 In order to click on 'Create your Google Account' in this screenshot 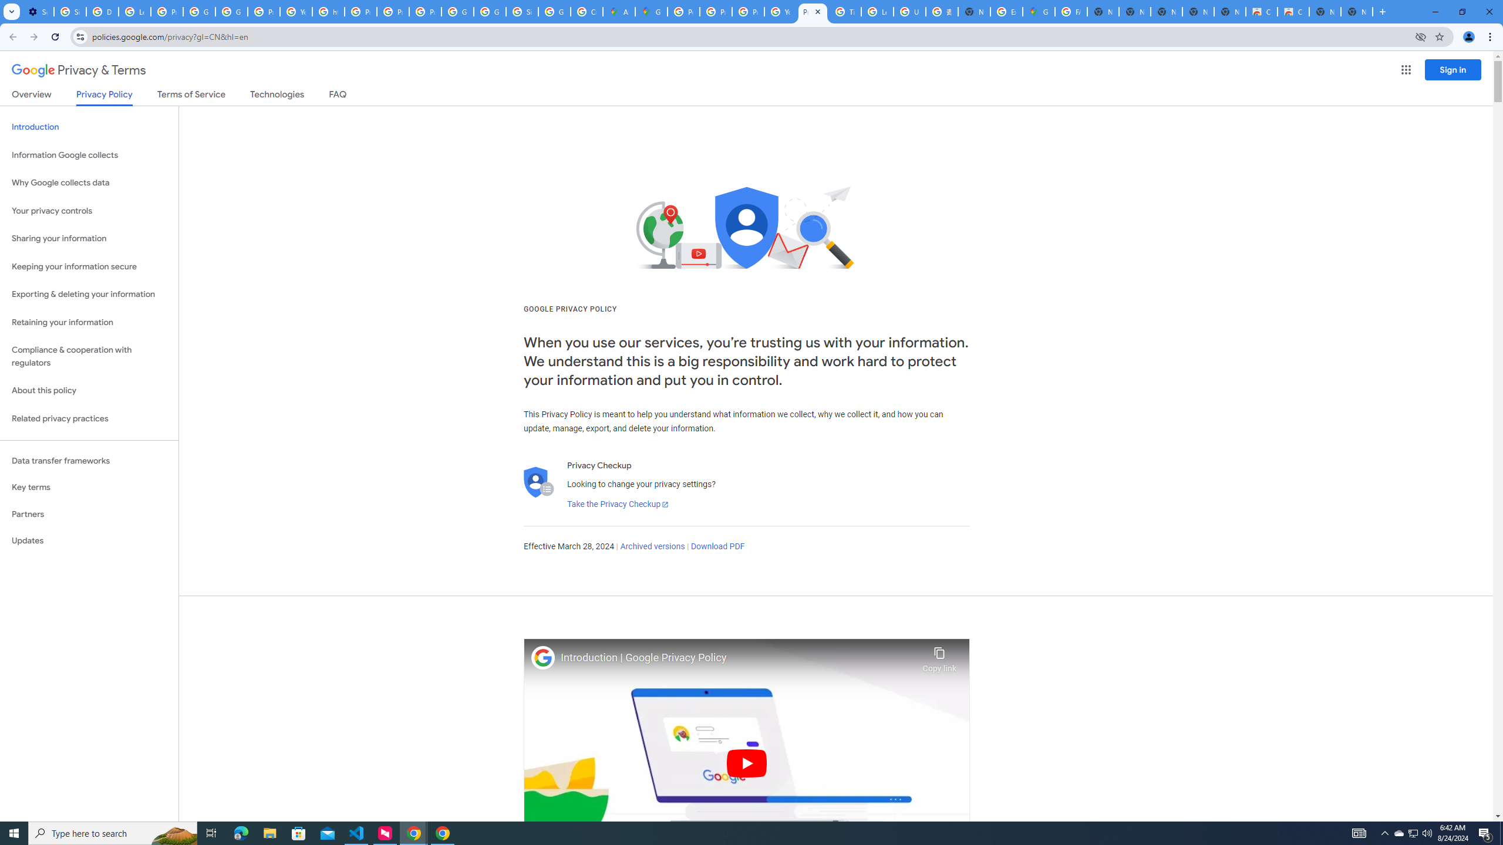, I will do `click(586, 11)`.